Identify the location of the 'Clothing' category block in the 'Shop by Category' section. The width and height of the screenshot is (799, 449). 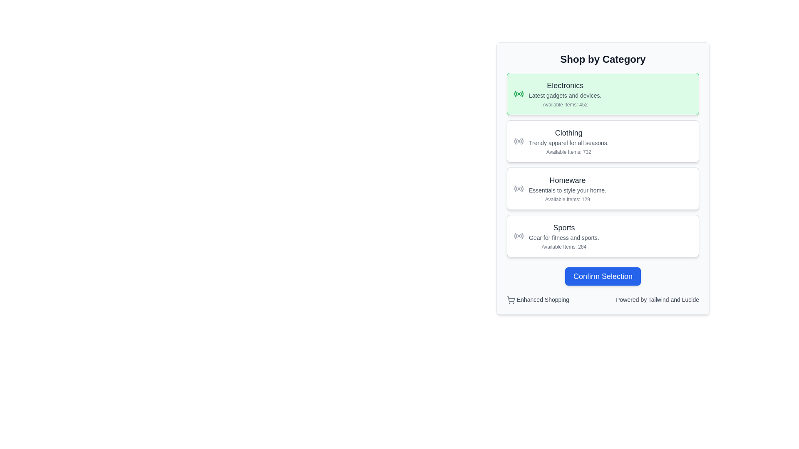
(568, 141).